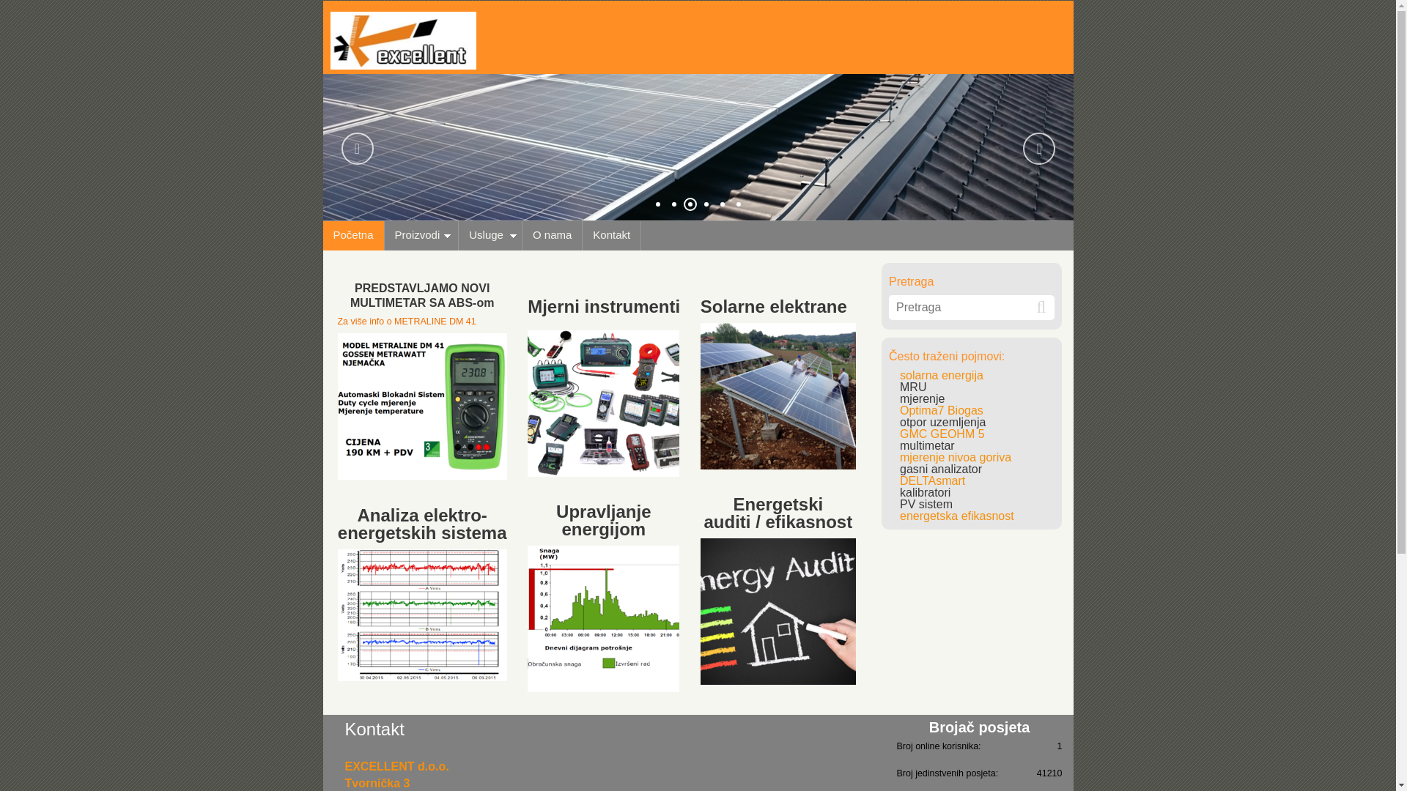 The image size is (1407, 791). Describe the element at coordinates (921, 398) in the screenshot. I see `'mjerenje'` at that location.